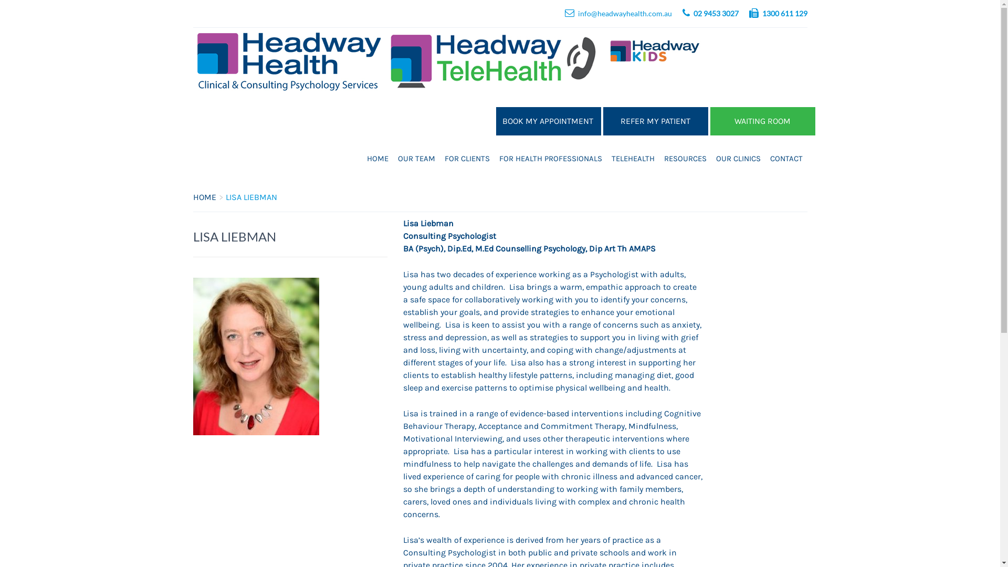  I want to click on 'CONTACT', so click(765, 158).